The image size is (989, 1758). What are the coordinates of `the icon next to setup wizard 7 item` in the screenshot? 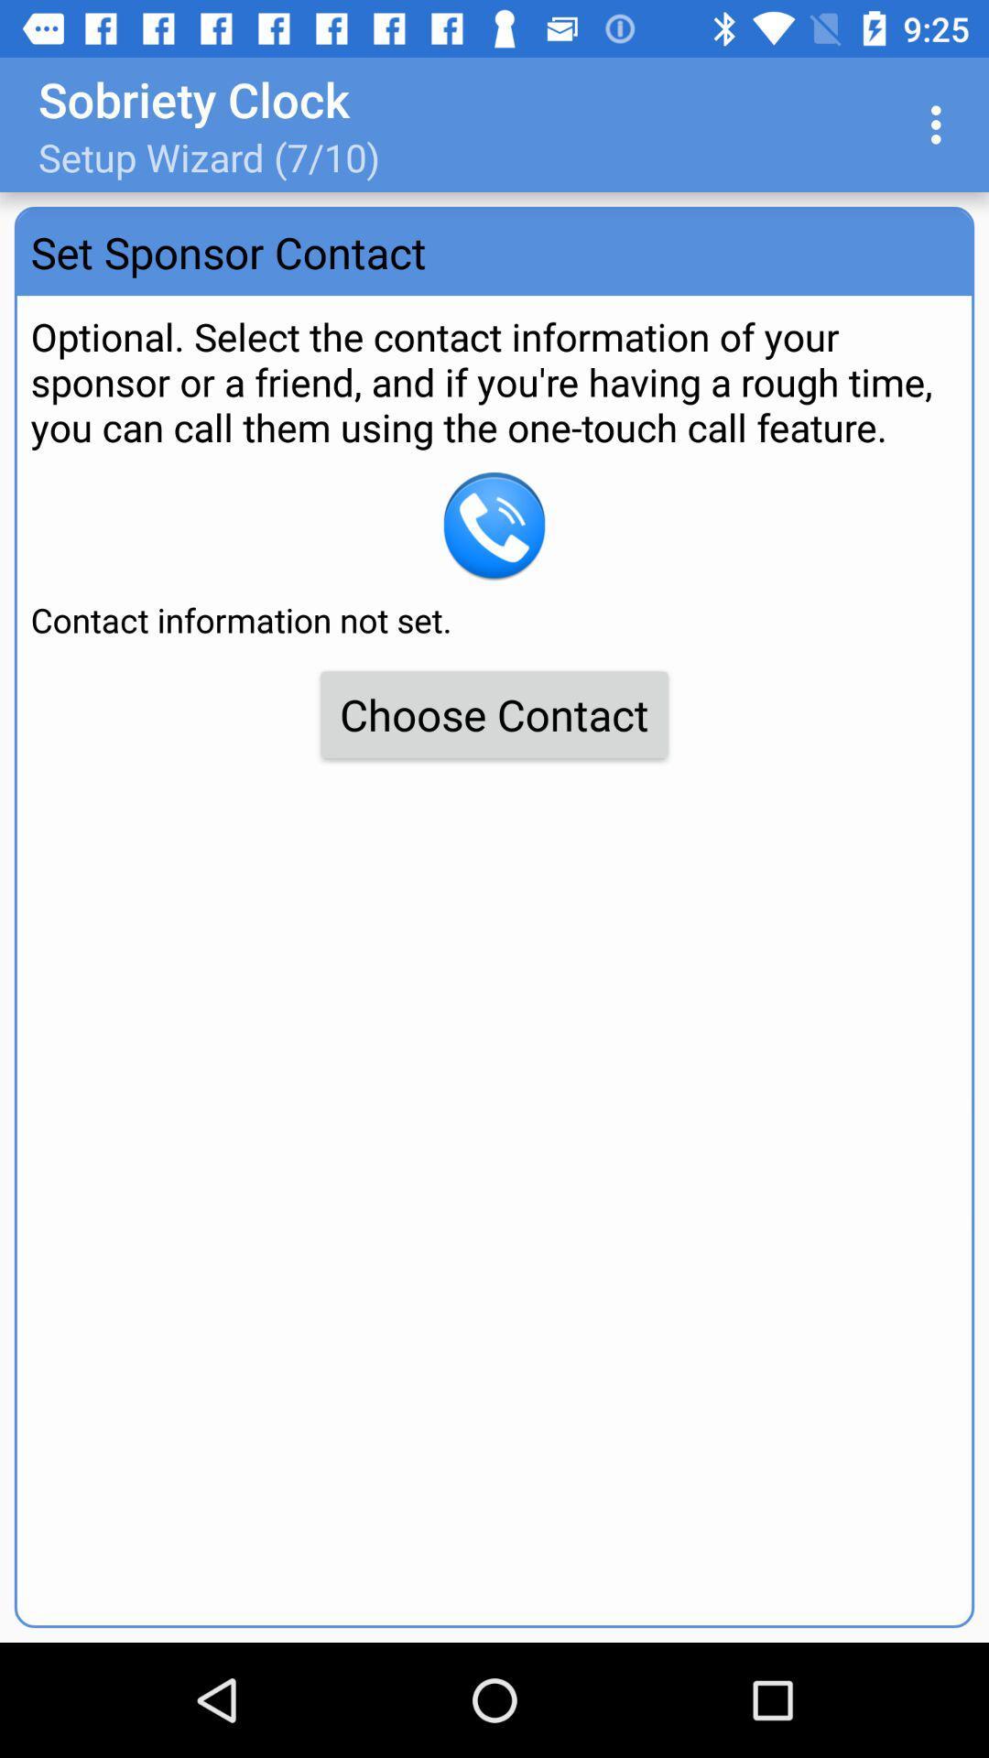 It's located at (940, 124).